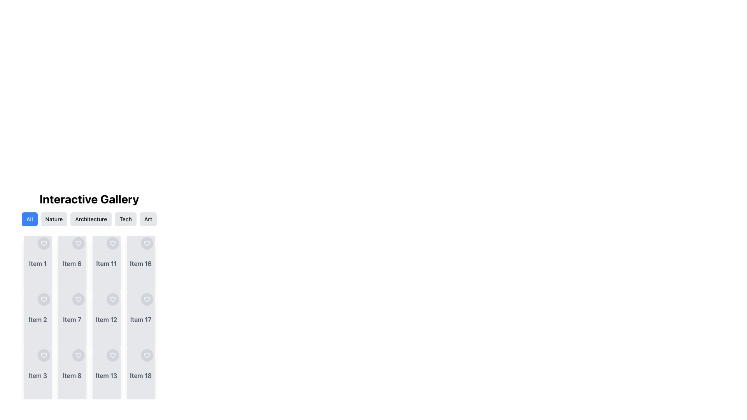 This screenshot has height=420, width=747. What do you see at coordinates (89, 199) in the screenshot?
I see `text of the heading labeled 'Interactive Gallery', which serves as the title for the section and provides context to the content below` at bounding box center [89, 199].